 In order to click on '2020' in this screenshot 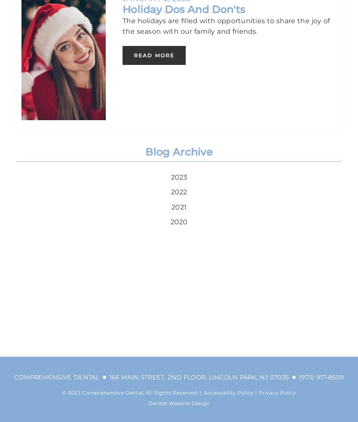, I will do `click(179, 221)`.